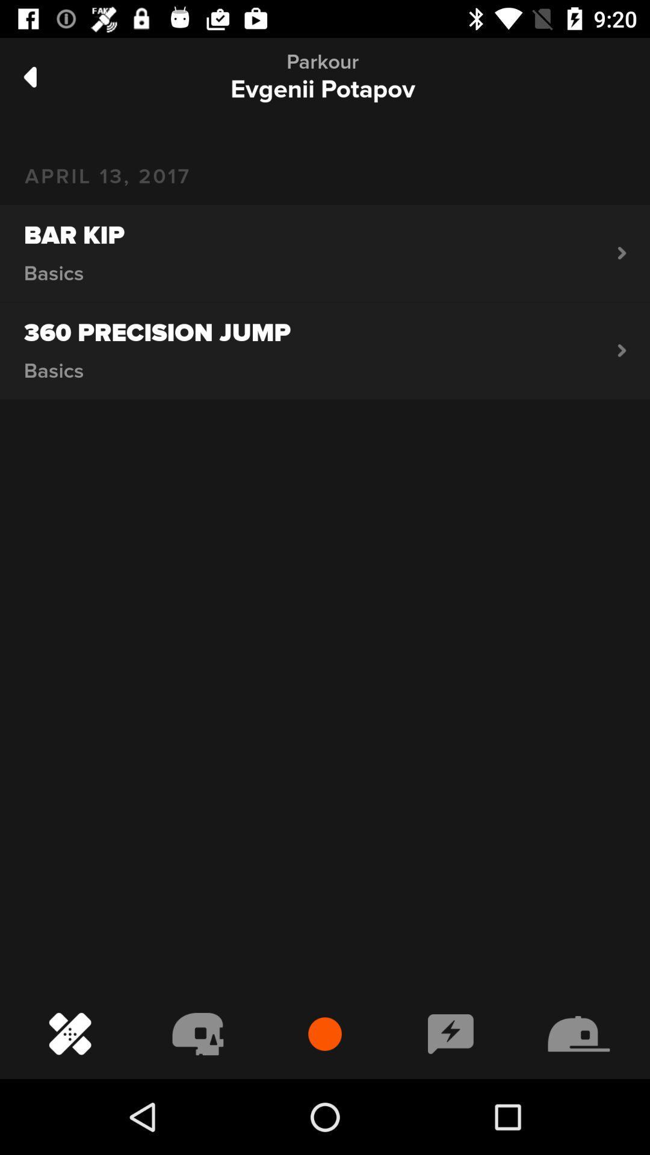 This screenshot has height=1155, width=650. I want to click on the second icon on the navigation bar, so click(197, 1033).